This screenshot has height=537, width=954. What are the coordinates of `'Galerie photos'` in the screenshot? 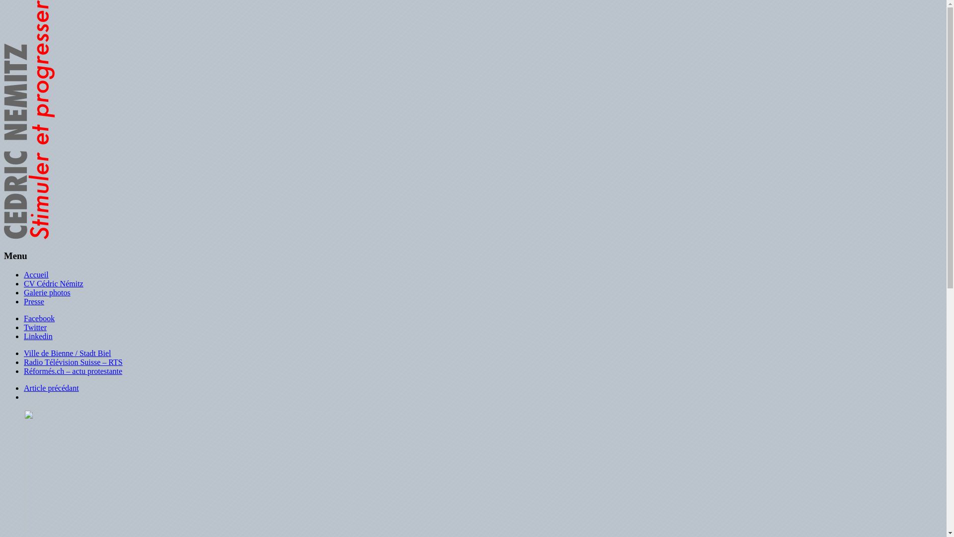 It's located at (47, 292).